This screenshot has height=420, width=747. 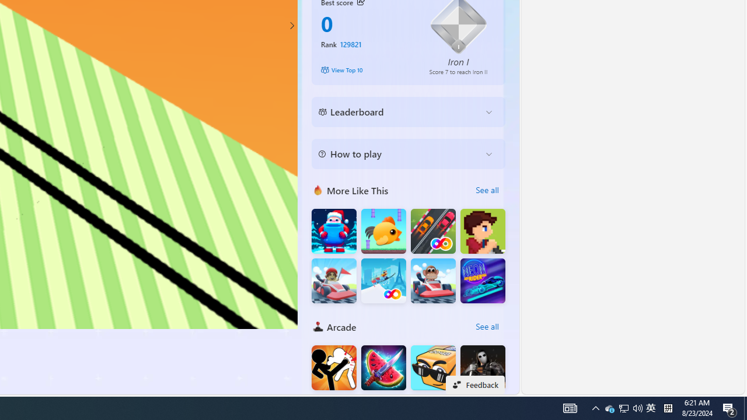 I want to click on 'Leaderboard', so click(x=399, y=111).